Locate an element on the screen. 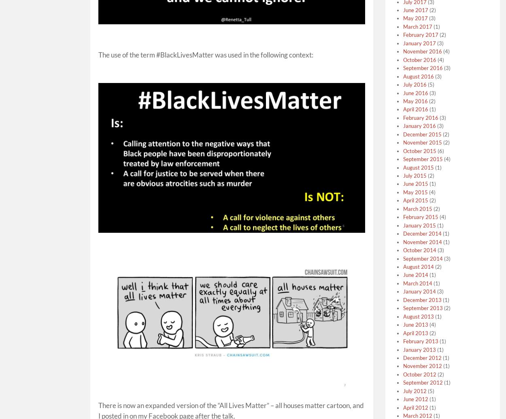  '(6)' is located at coordinates (440, 150).